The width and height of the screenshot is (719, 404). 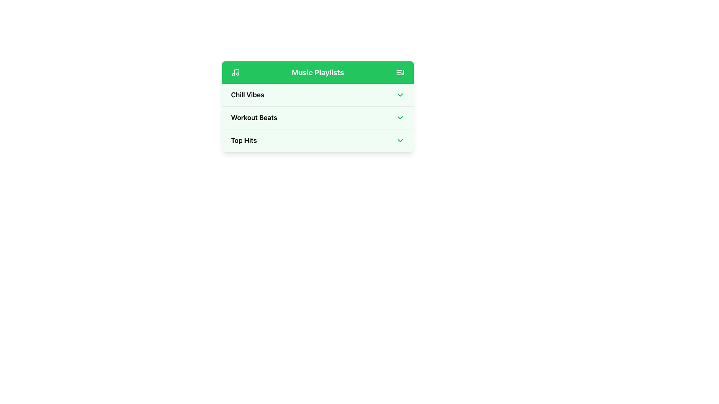 I want to click on the vertical segment of the SVG icon representing a musical note, located to the left of the 'Music Playlists' text in the green header section of the card, so click(x=236, y=72).